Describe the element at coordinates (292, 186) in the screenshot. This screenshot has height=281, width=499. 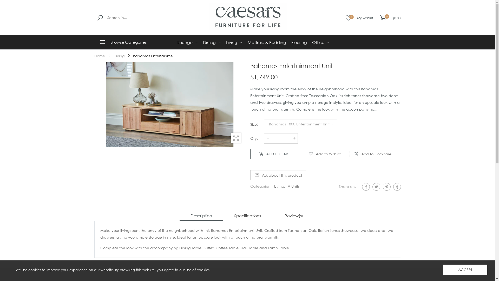
I see `'TV Units'` at that location.